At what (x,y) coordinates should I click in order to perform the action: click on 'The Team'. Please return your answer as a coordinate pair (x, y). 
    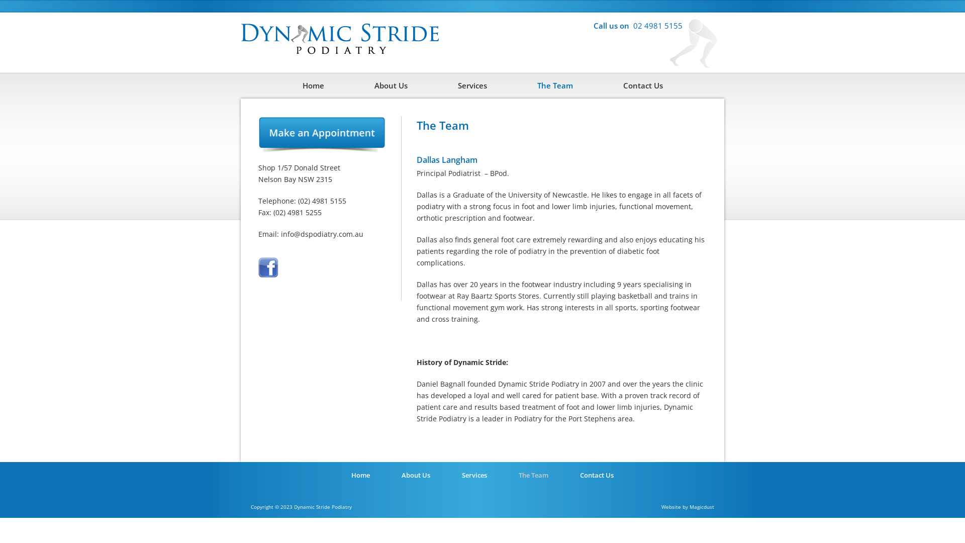
    Looking at the image, I should click on (519, 475).